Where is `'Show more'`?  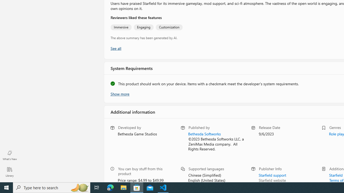
'Show more' is located at coordinates (119, 93).